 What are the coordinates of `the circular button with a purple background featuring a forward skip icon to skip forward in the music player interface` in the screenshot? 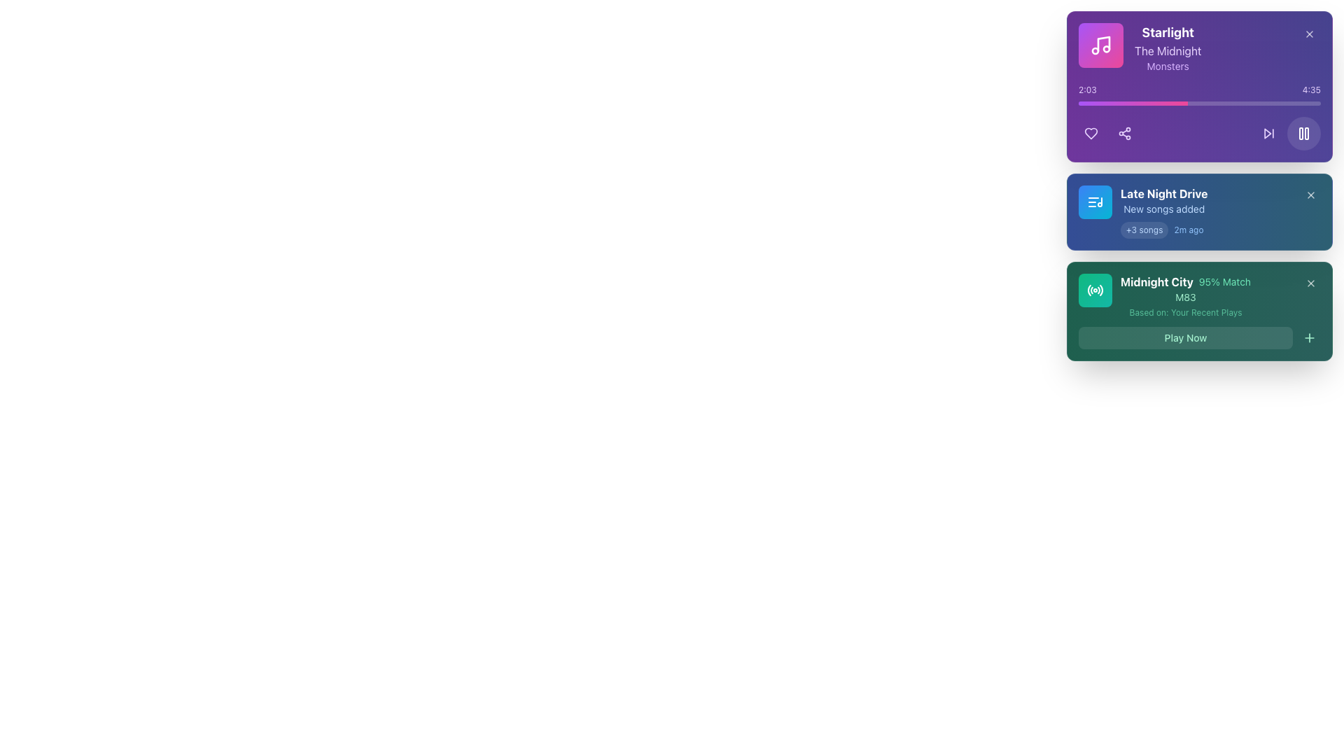 It's located at (1269, 134).